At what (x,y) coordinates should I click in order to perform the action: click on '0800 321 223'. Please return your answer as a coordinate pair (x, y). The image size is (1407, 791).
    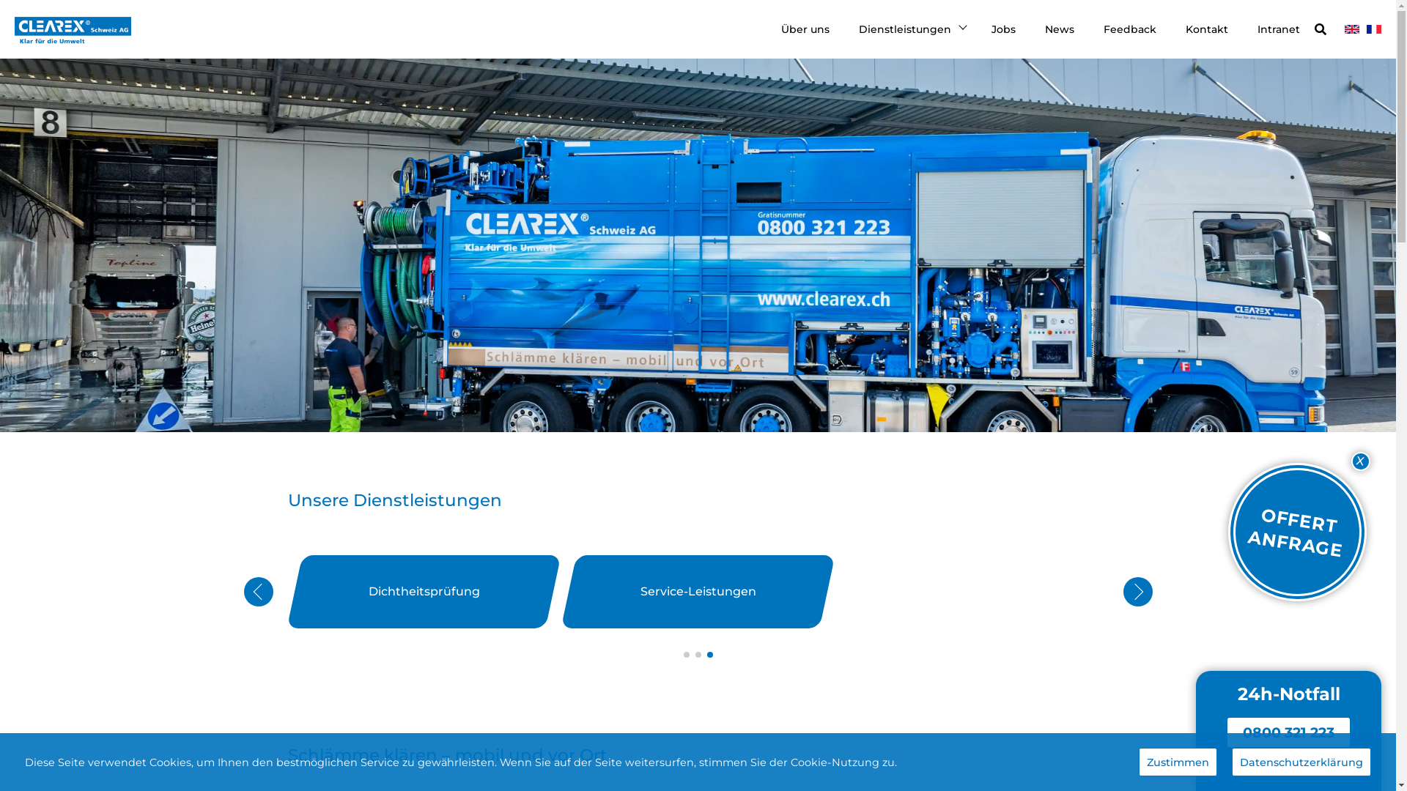
    Looking at the image, I should click on (1288, 732).